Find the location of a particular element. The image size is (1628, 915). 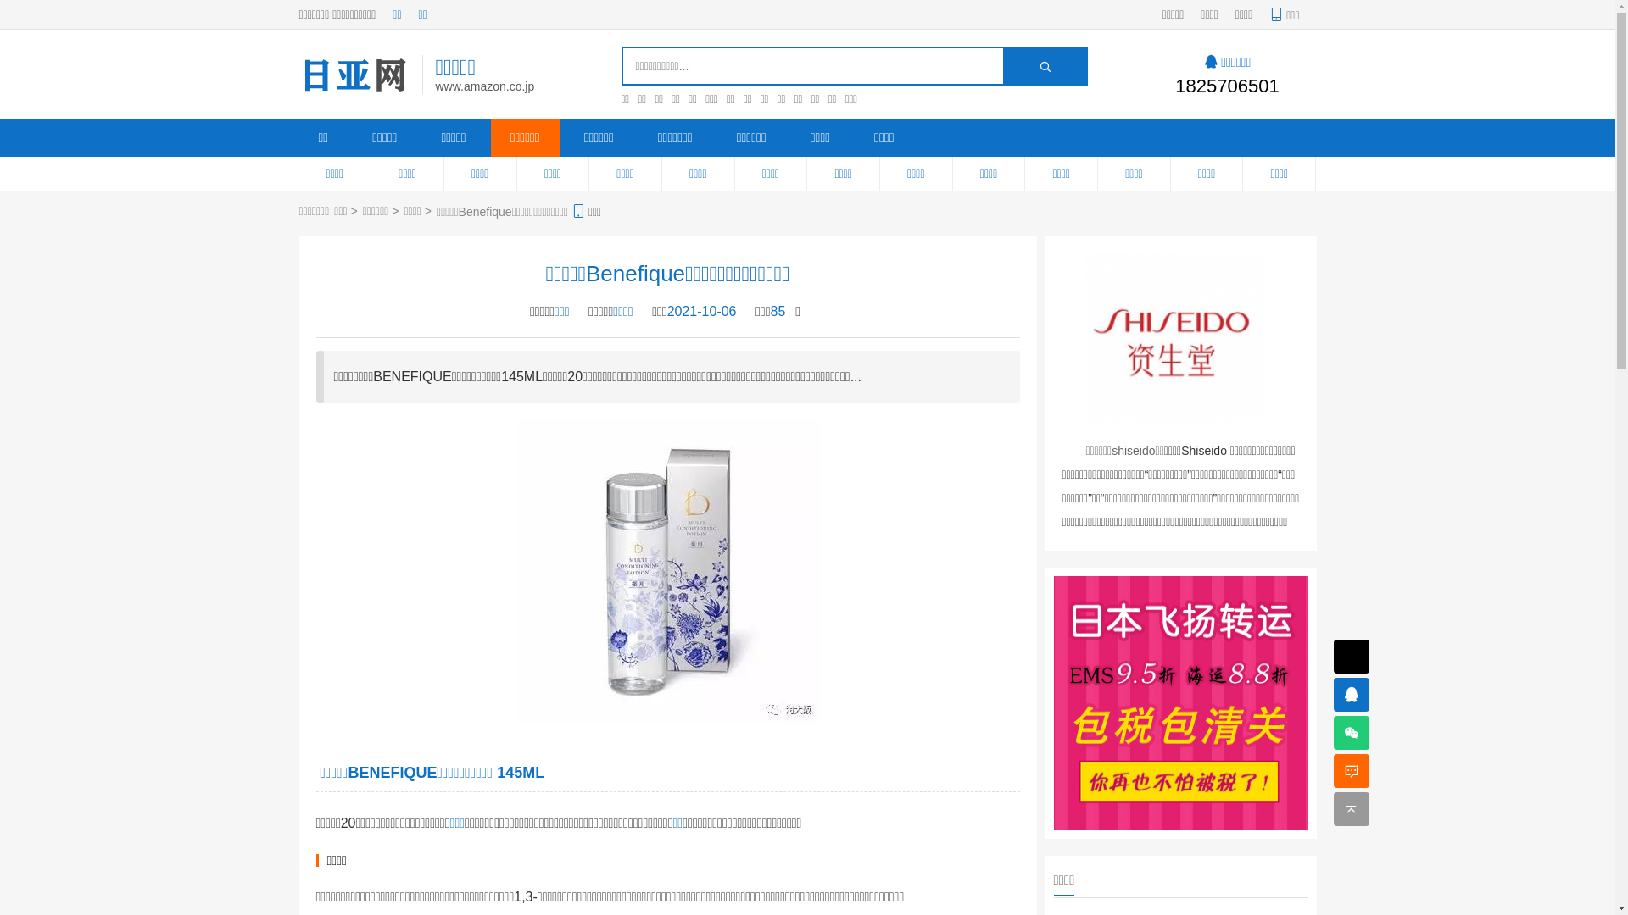

'85' is located at coordinates (781, 311).